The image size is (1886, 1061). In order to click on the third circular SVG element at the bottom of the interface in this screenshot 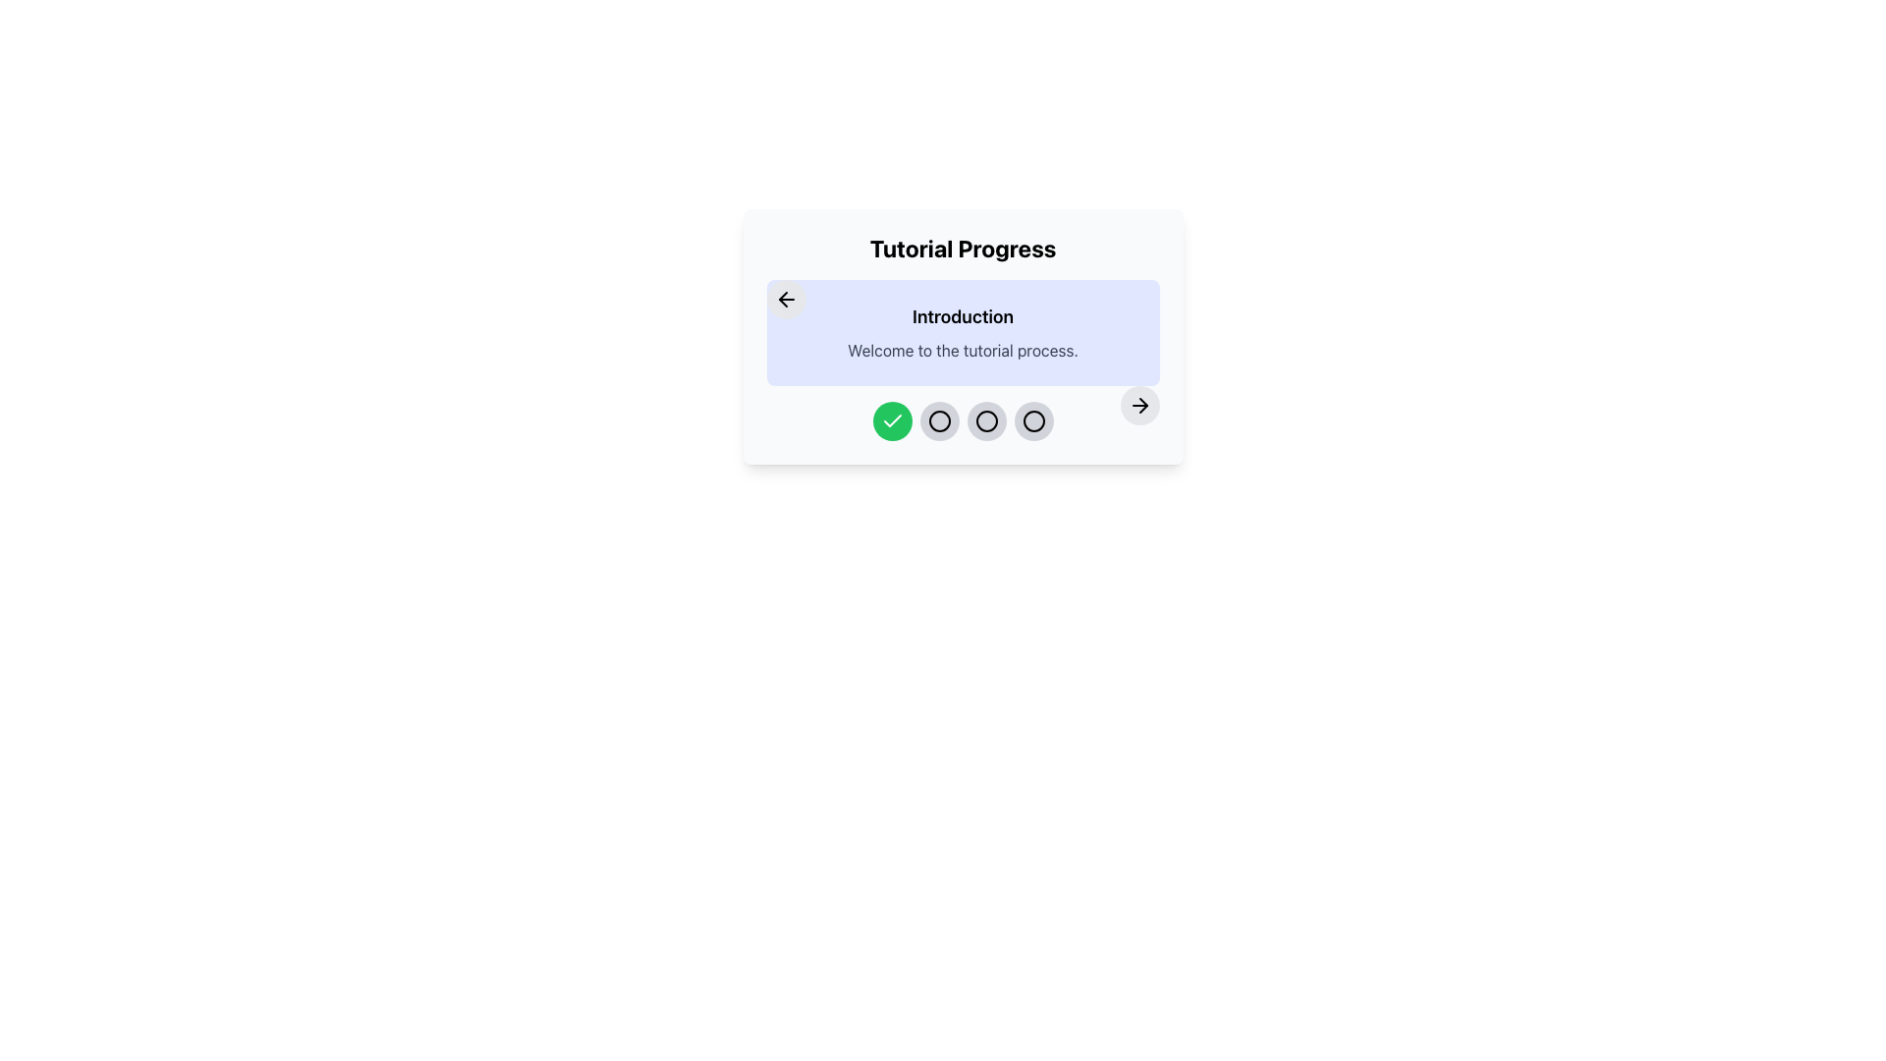, I will do `click(1032, 419)`.